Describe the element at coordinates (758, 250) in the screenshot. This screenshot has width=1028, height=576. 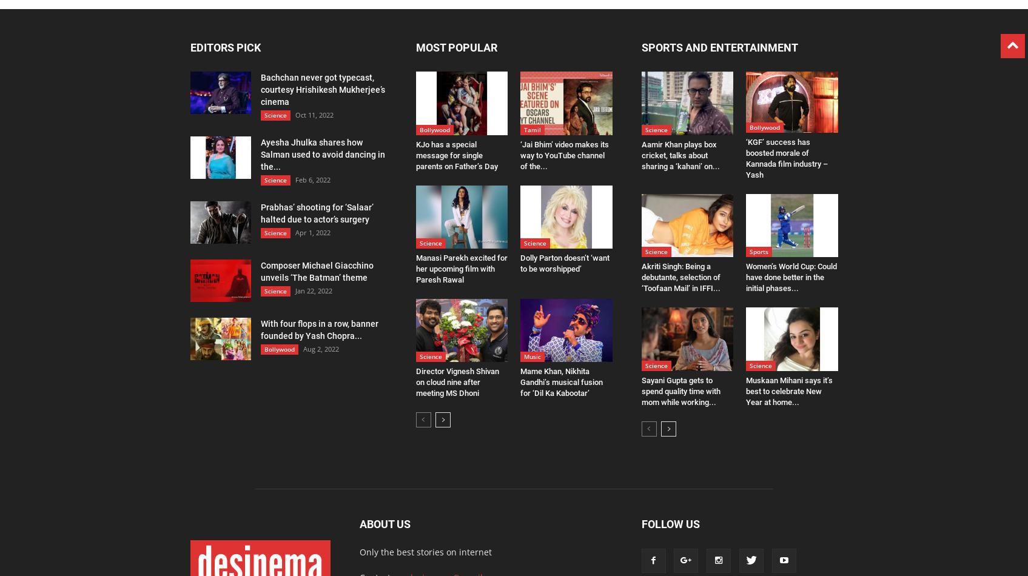
I see `'Sports'` at that location.